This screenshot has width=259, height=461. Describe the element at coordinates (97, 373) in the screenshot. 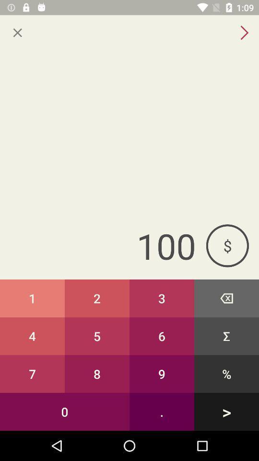

I see `the button to the right of 4 icon` at that location.